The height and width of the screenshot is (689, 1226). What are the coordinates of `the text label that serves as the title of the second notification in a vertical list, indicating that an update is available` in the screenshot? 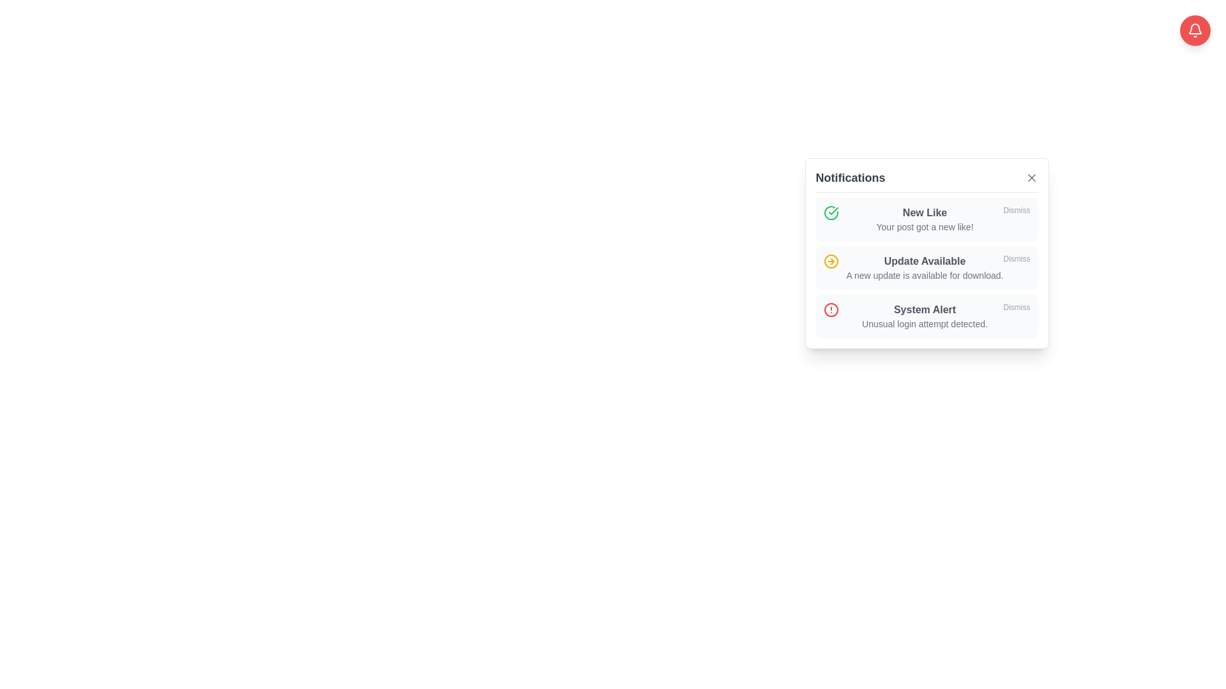 It's located at (925, 260).